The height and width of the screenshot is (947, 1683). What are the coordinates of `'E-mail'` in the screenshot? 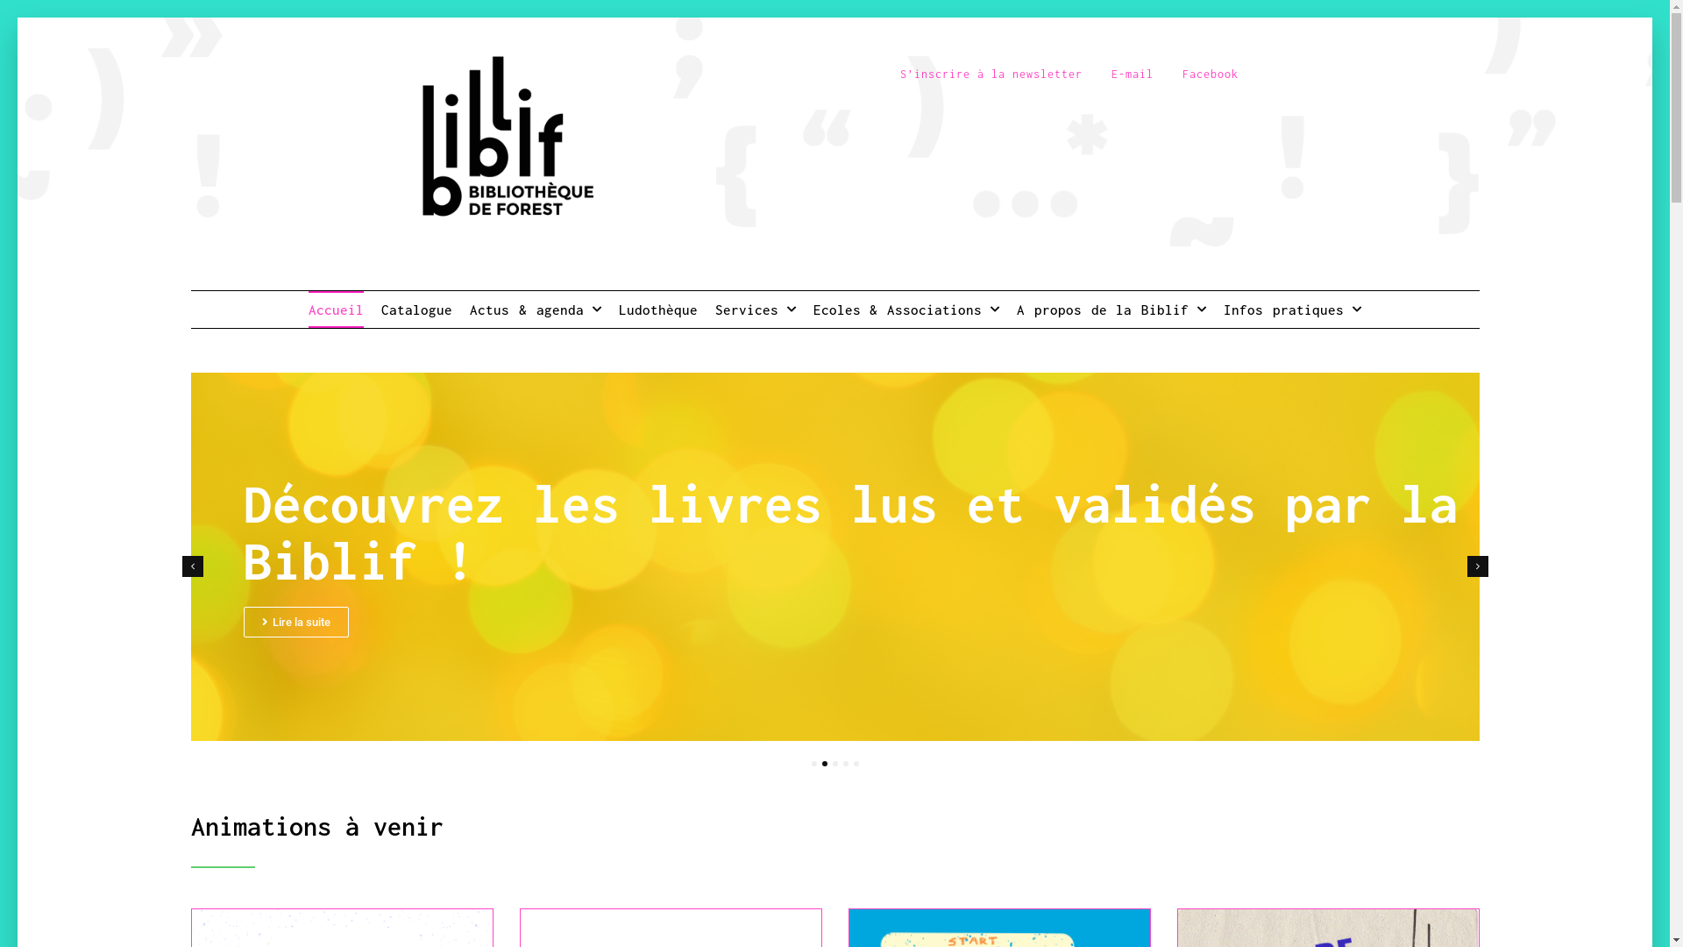 It's located at (1132, 73).